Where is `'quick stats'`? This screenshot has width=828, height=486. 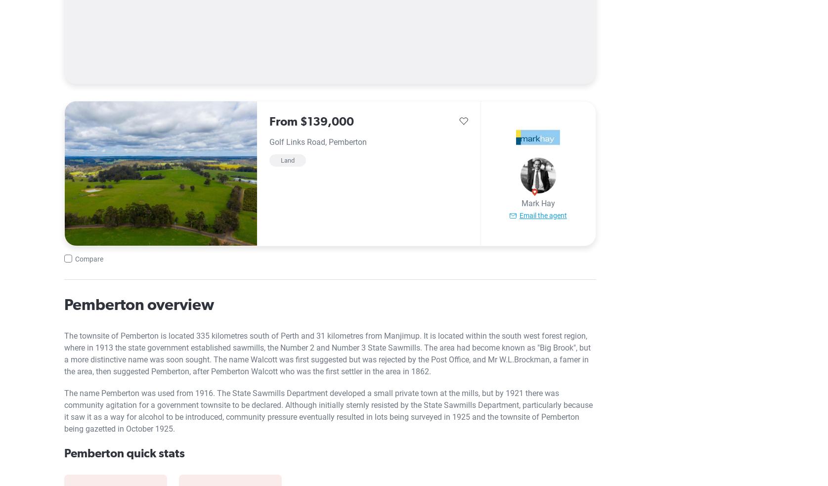 'quick stats' is located at coordinates (153, 452).